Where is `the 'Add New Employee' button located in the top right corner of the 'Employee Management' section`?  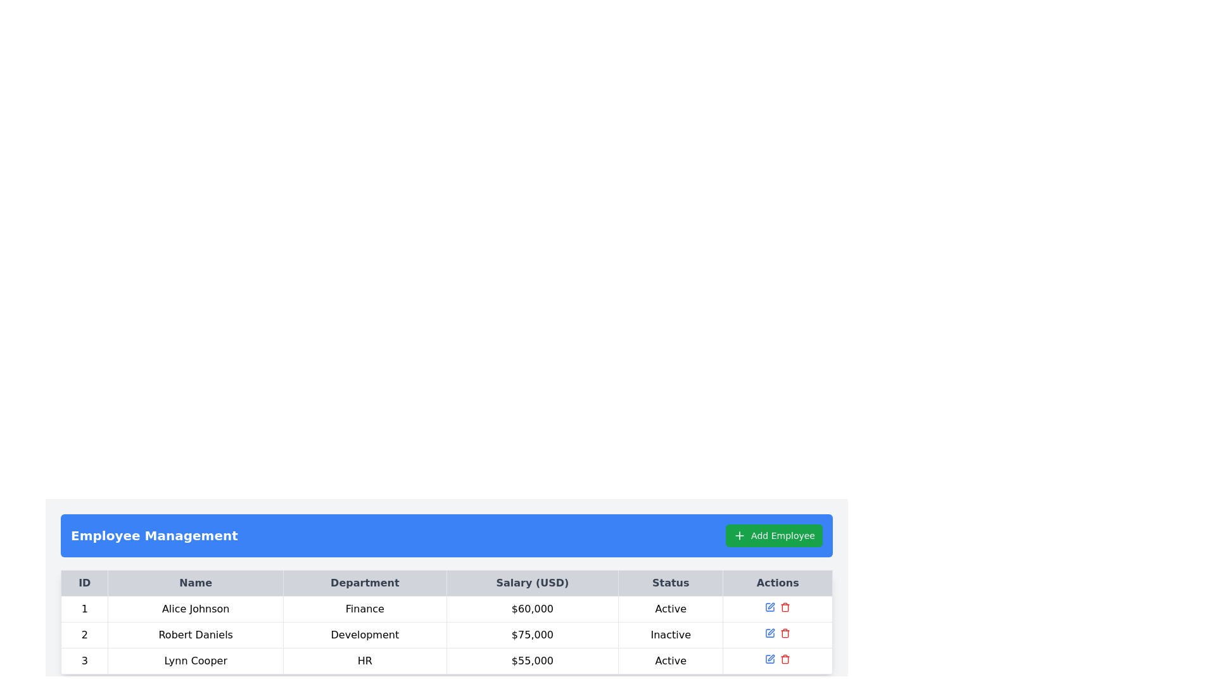
the 'Add New Employee' button located in the top right corner of the 'Employee Management' section is located at coordinates (773, 535).